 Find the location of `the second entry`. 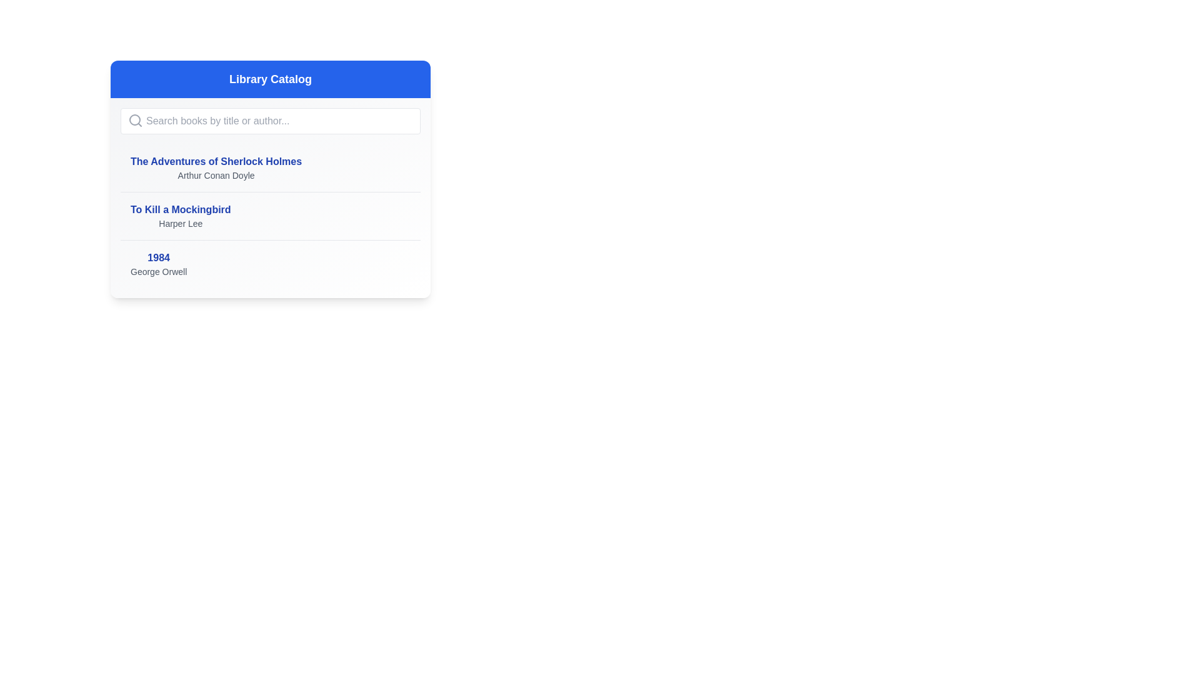

the second entry is located at coordinates (269, 214).